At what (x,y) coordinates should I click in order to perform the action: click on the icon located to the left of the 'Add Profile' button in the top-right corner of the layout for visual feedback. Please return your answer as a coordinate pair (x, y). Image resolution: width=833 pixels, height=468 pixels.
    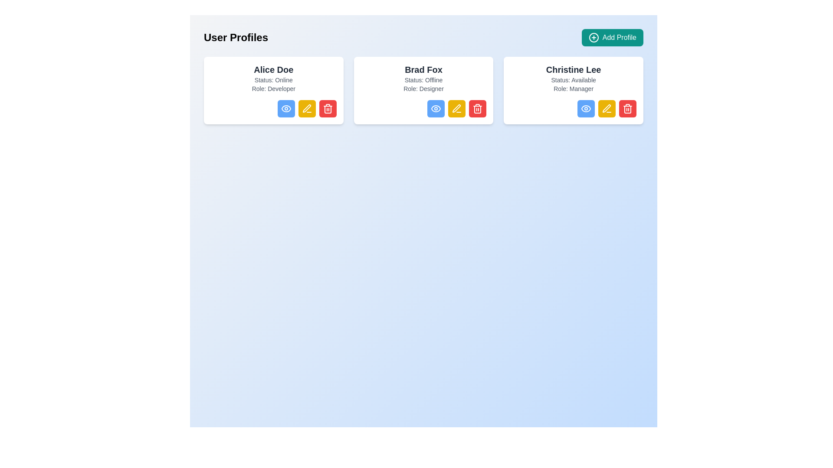
    Looking at the image, I should click on (593, 37).